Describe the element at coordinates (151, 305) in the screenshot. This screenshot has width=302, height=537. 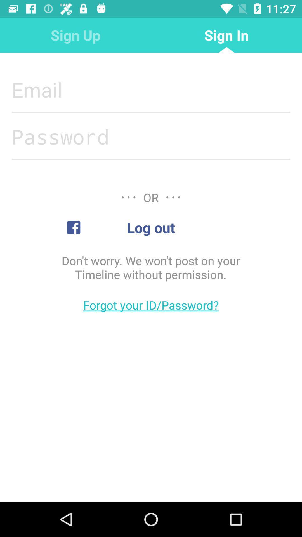
I see `the item below don t worry` at that location.